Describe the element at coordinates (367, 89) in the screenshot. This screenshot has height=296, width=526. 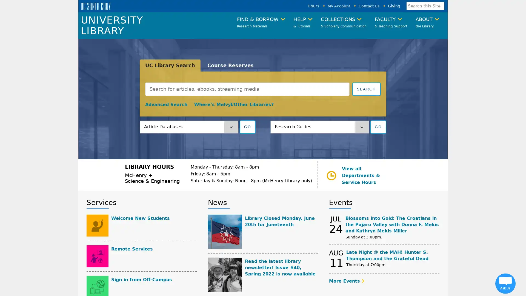
I see `Submit search` at that location.